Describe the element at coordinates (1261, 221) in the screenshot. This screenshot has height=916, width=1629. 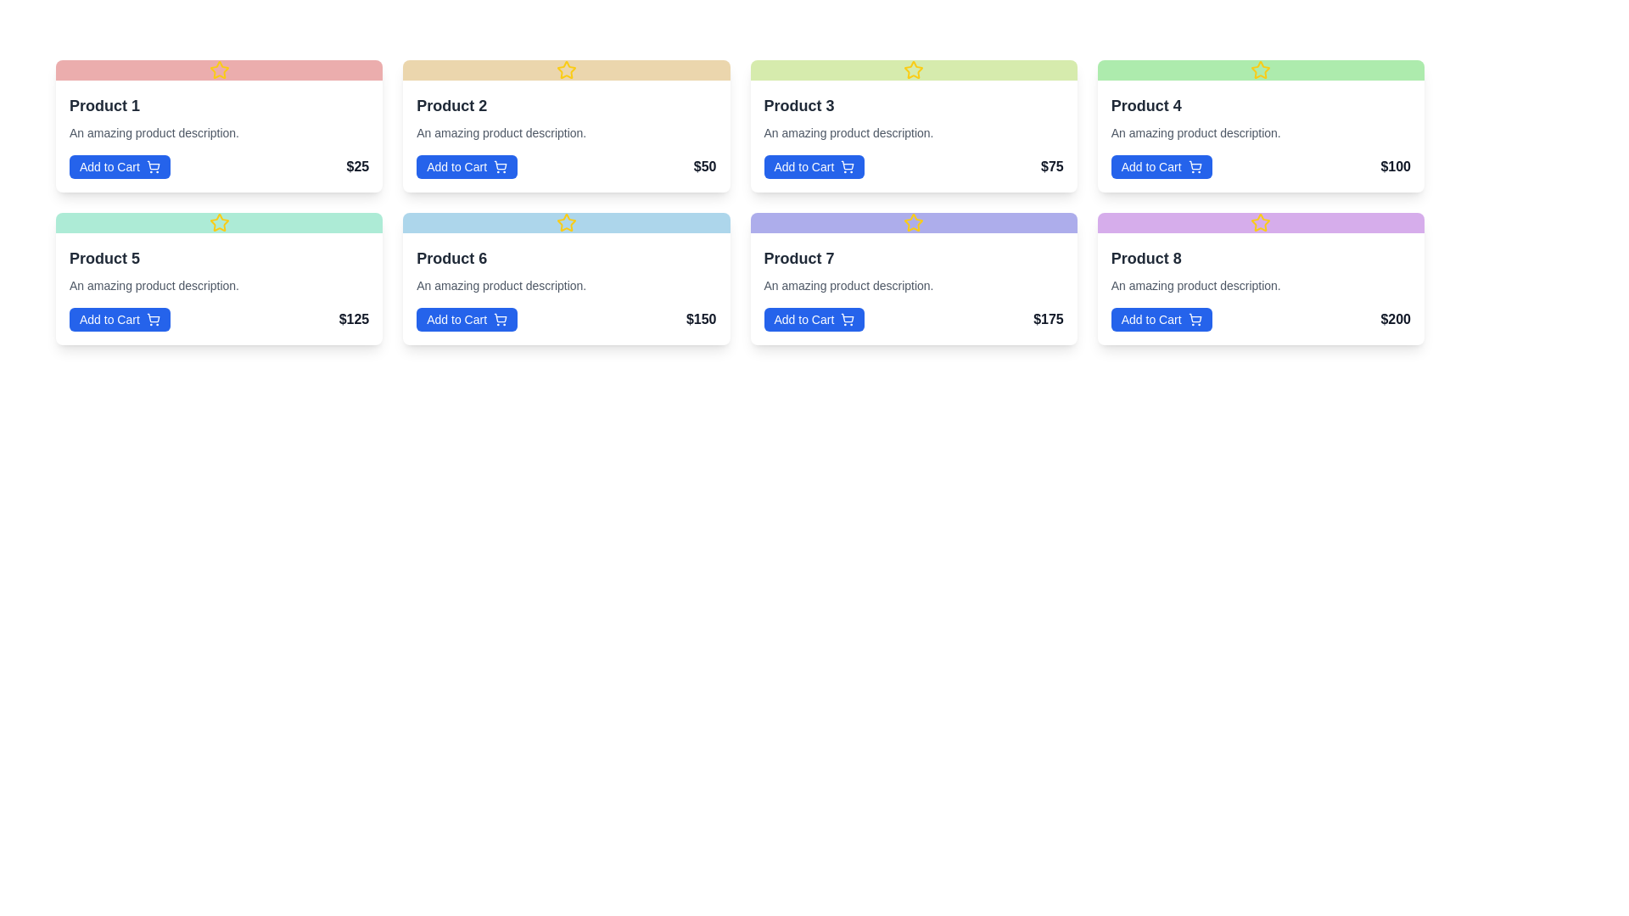
I see `the star icon located at the top of the 'Product 8' card in the fourth column of the second row within the grid of product cards` at that location.